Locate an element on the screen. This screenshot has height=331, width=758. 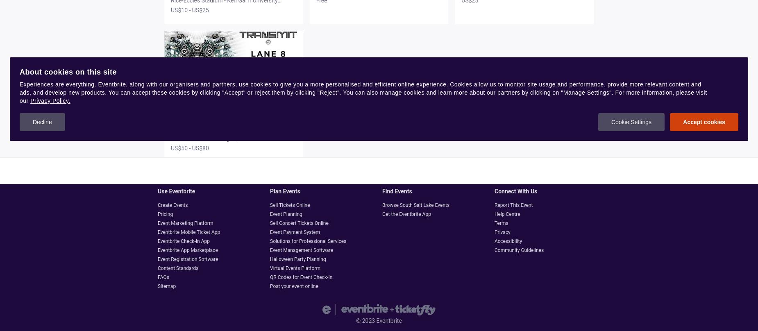
'Plan events' is located at coordinates (270, 191).